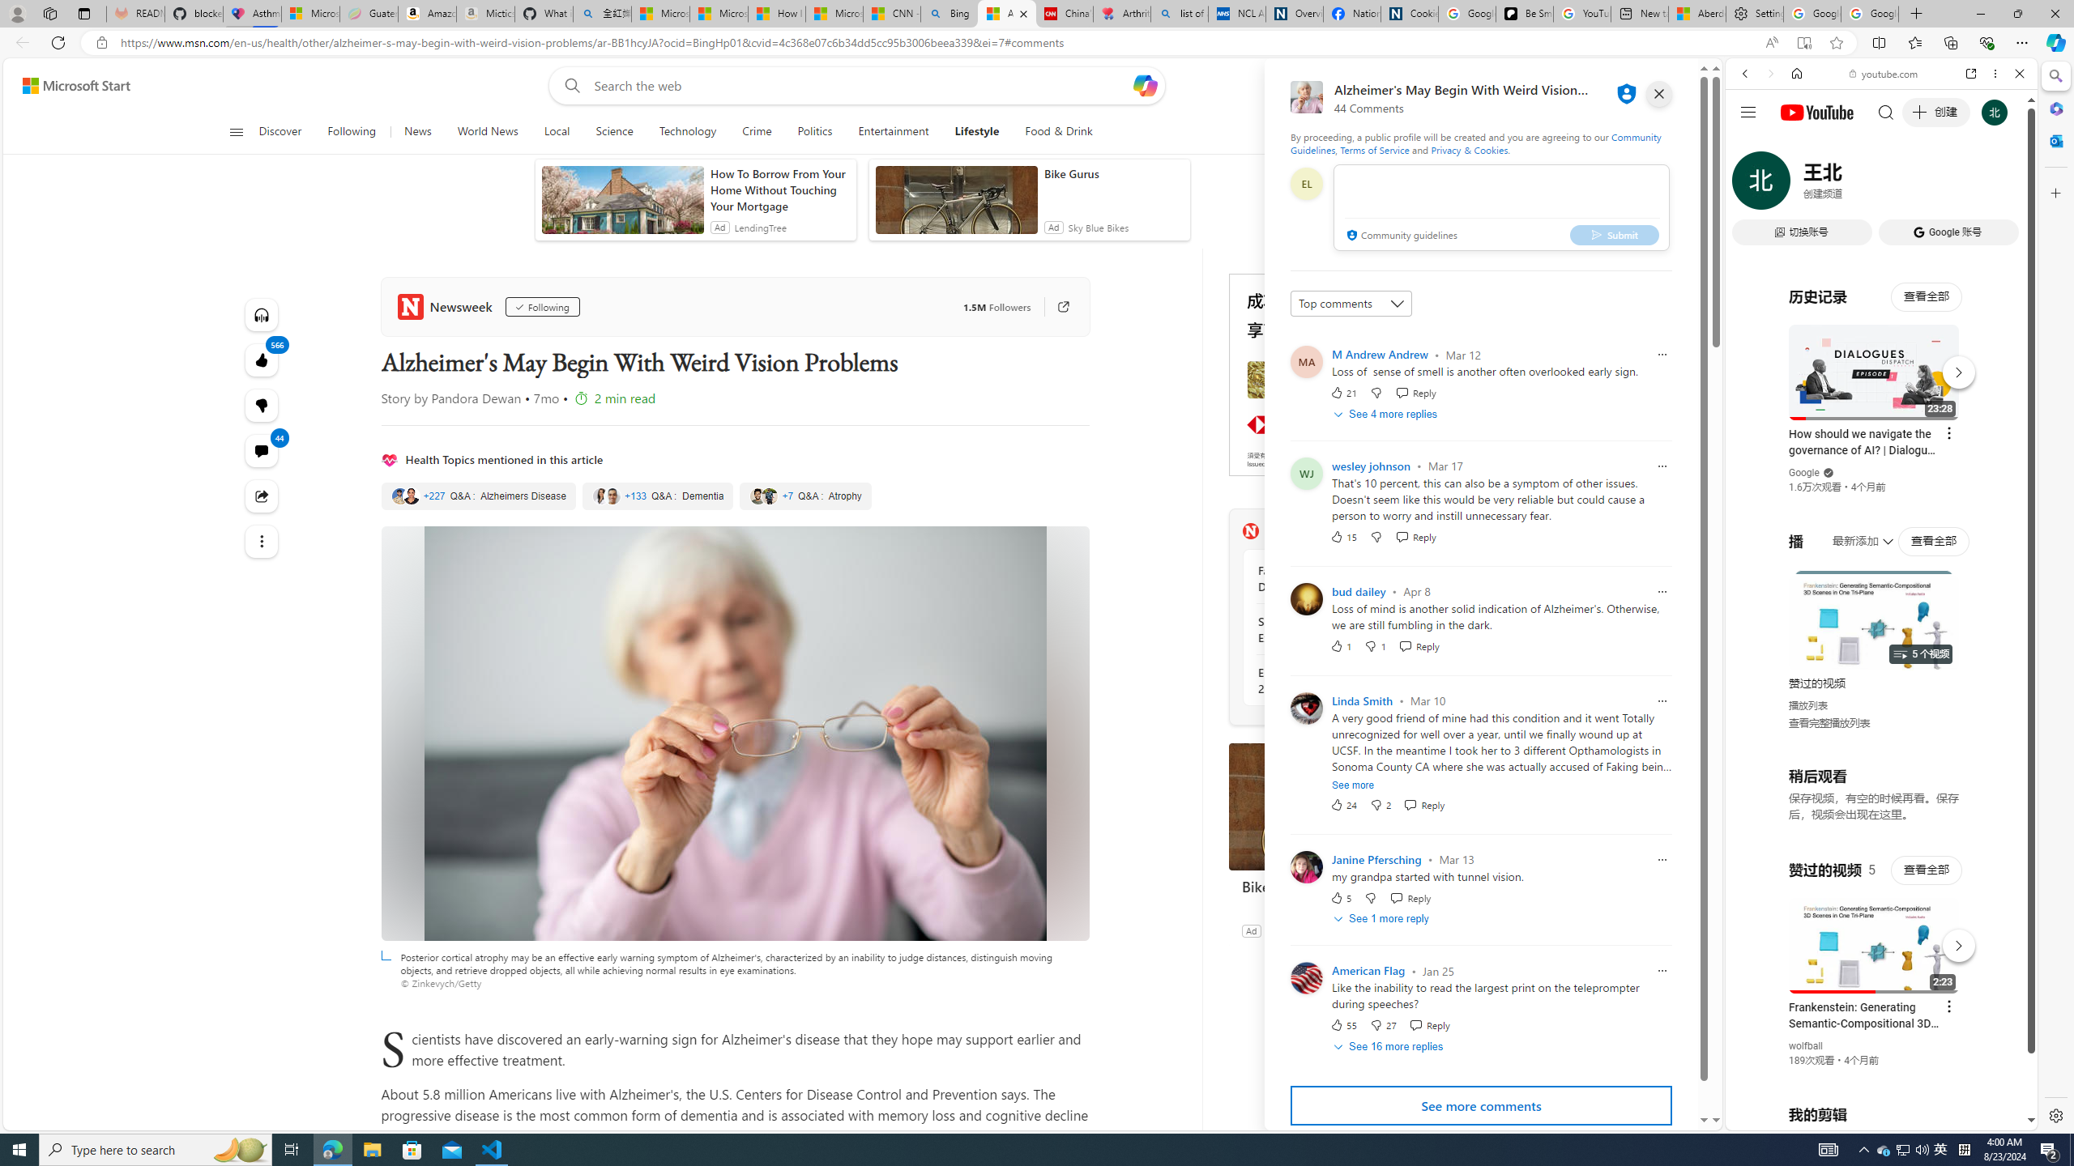 The height and width of the screenshot is (1166, 2074). I want to click on 'Newsweek', so click(446, 306).